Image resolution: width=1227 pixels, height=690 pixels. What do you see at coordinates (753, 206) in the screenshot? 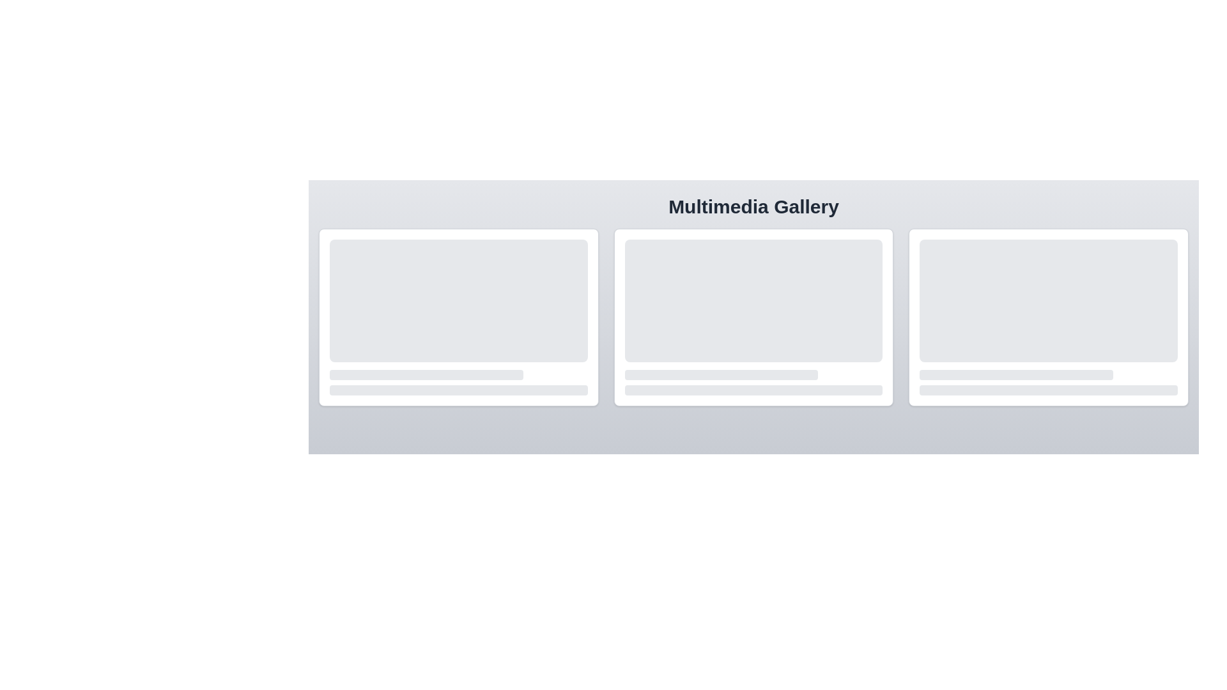
I see `bold, large-sized header text 'Multimedia Gallery' to understand the section's purpose` at bounding box center [753, 206].